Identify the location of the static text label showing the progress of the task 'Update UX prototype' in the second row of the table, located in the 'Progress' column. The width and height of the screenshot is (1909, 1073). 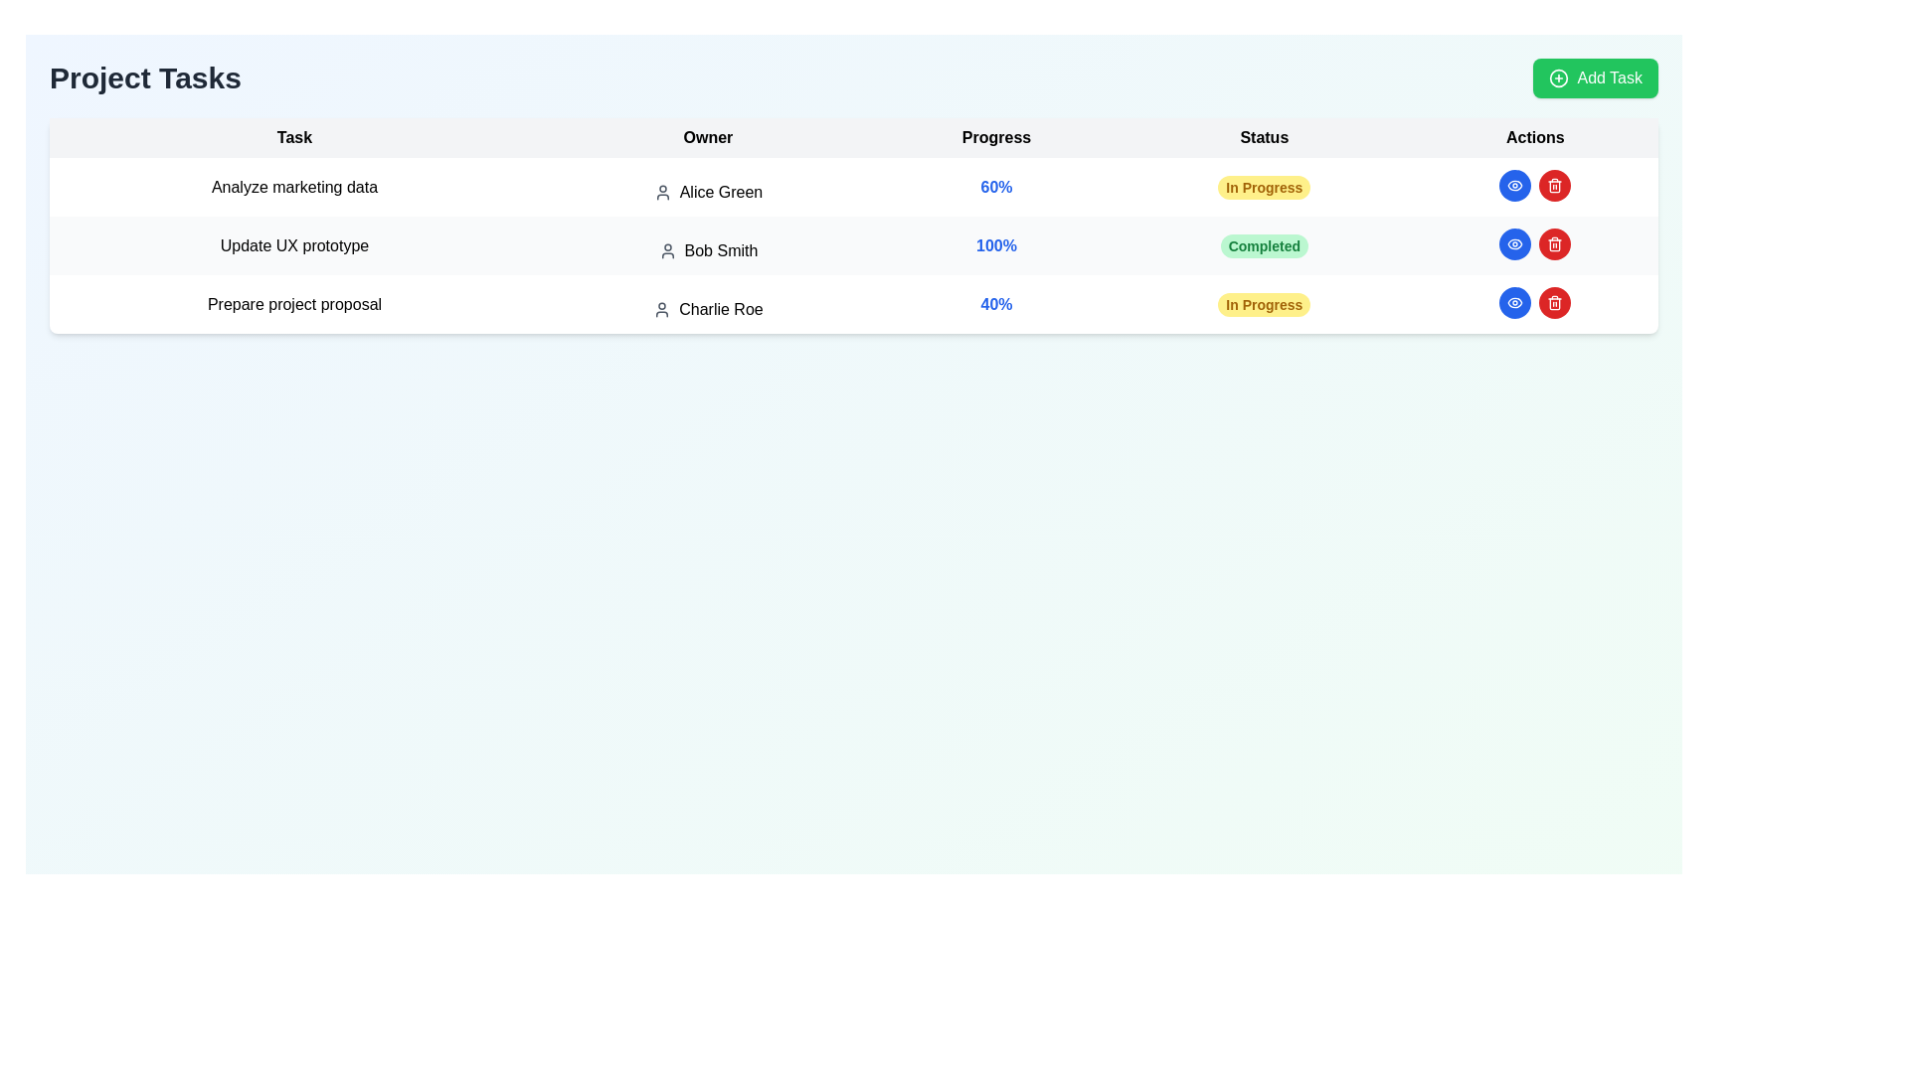
(996, 244).